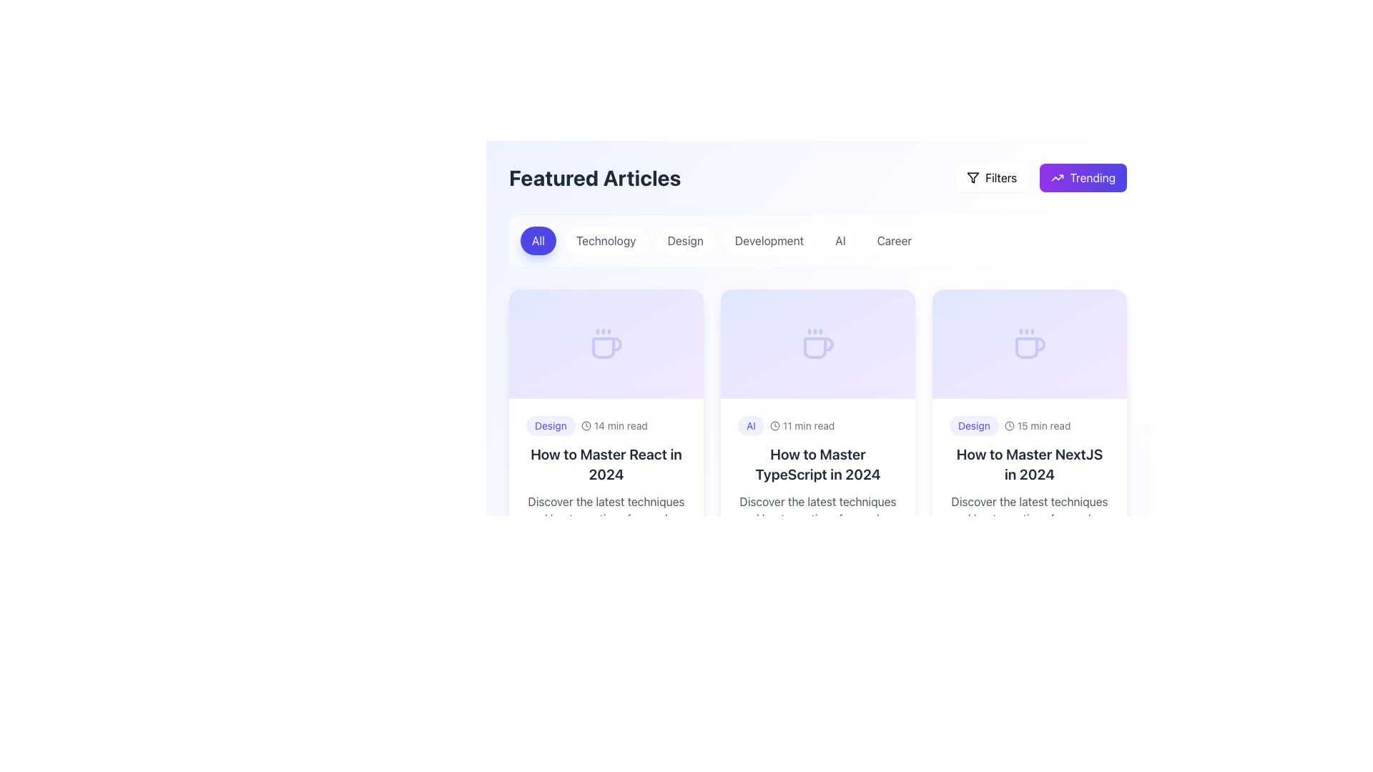  Describe the element at coordinates (1030, 465) in the screenshot. I see `the article title 'How to Master NextJS in 2024' which is styled with large, bold, dark-gray font and located centrally within the third article card in the 'Featured Articles' section` at that location.